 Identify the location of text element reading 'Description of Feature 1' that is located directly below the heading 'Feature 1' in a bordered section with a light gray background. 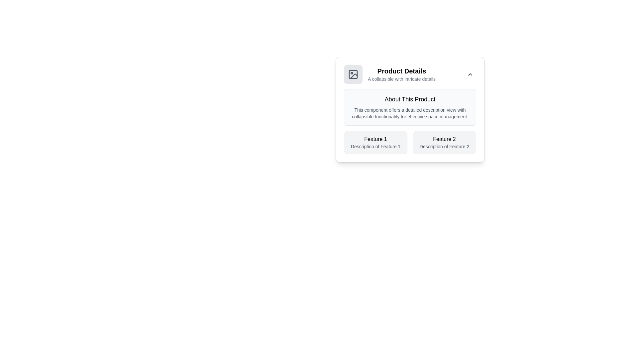
(375, 146).